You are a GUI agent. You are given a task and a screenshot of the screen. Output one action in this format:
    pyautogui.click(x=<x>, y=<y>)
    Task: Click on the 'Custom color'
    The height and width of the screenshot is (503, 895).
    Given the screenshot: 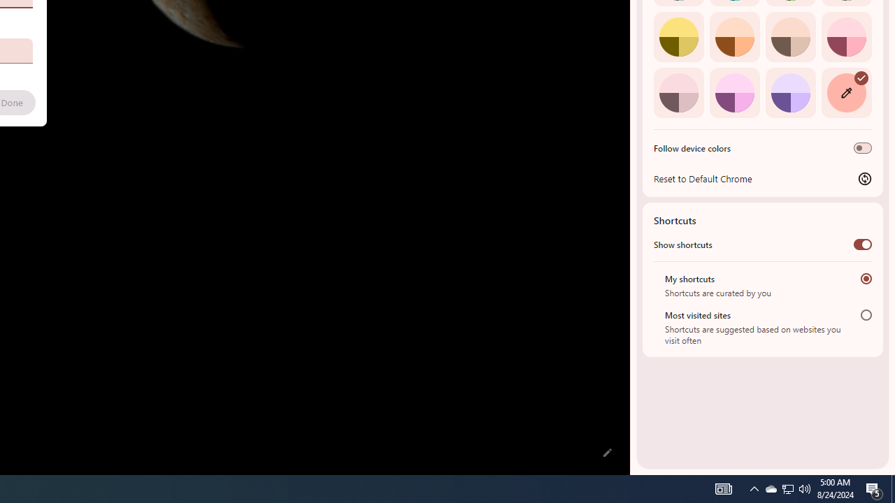 What is the action you would take?
    pyautogui.click(x=845, y=92)
    